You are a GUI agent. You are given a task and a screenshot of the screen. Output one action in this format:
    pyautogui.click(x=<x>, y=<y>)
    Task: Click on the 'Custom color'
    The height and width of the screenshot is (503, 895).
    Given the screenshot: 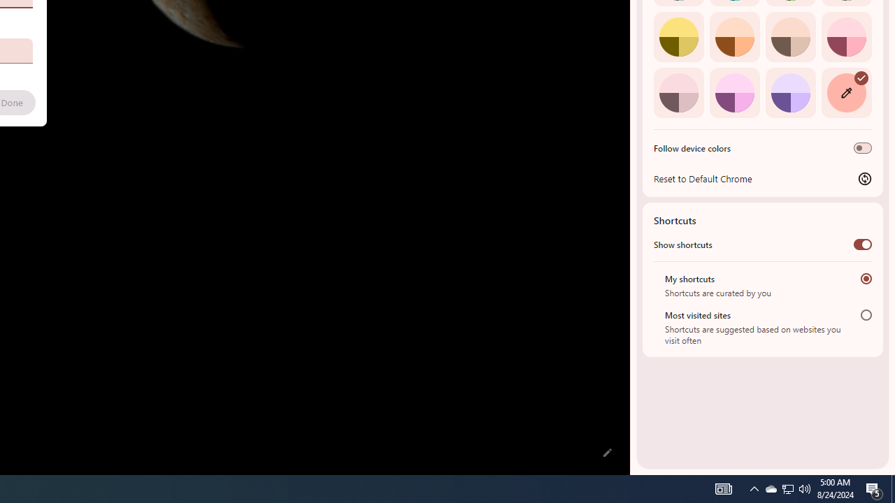 What is the action you would take?
    pyautogui.click(x=845, y=92)
    